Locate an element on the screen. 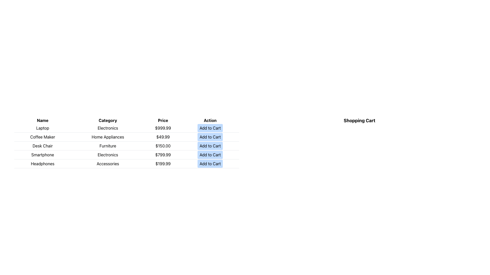  the static text label indicating the product category 'Coffee Maker', located in the second column under the 'Category' header and in the second row of the table is located at coordinates (107, 136).